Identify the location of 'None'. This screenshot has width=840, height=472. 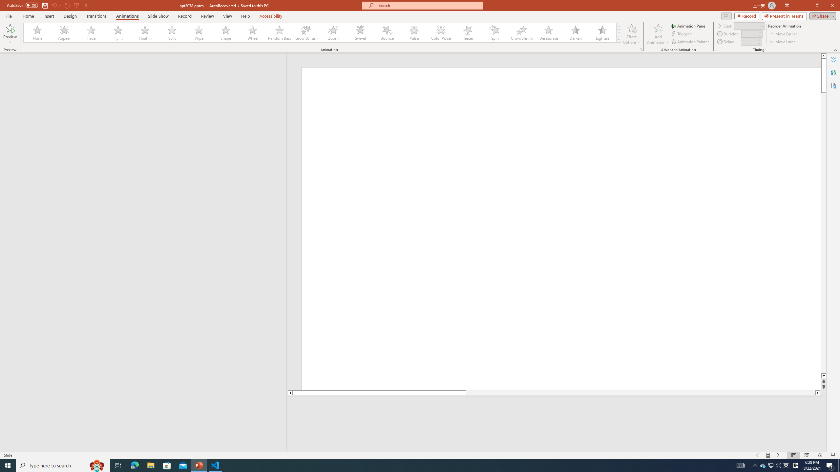
(37, 32).